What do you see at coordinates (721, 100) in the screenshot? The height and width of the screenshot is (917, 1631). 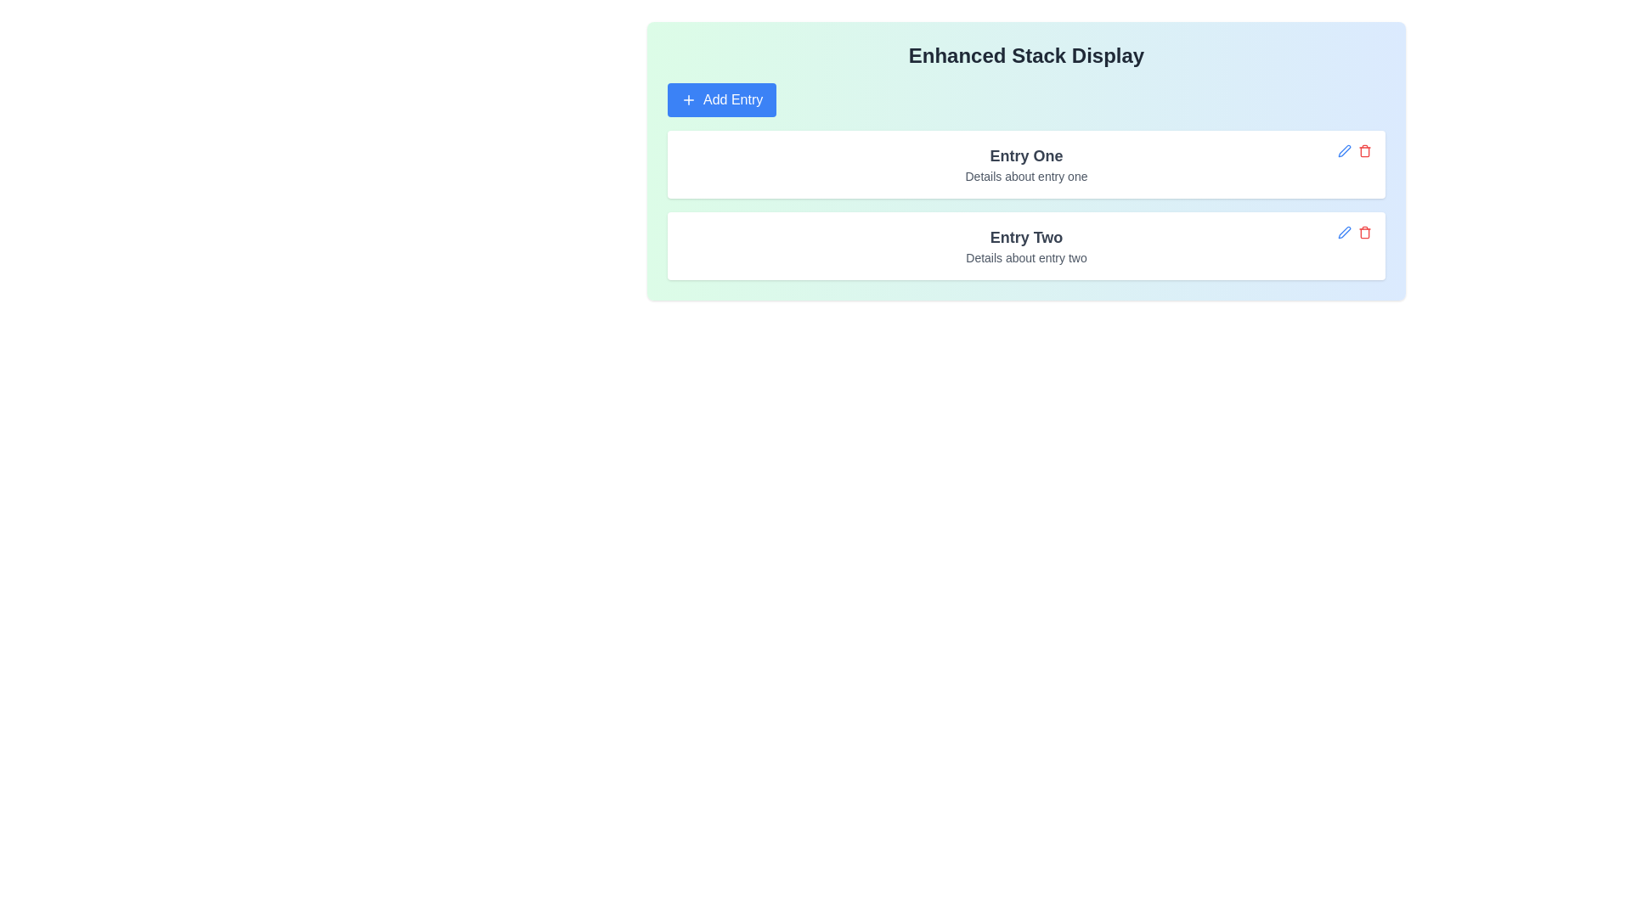 I see `the 'Add Entry' button with a blue background and a '+' icon` at bounding box center [721, 100].